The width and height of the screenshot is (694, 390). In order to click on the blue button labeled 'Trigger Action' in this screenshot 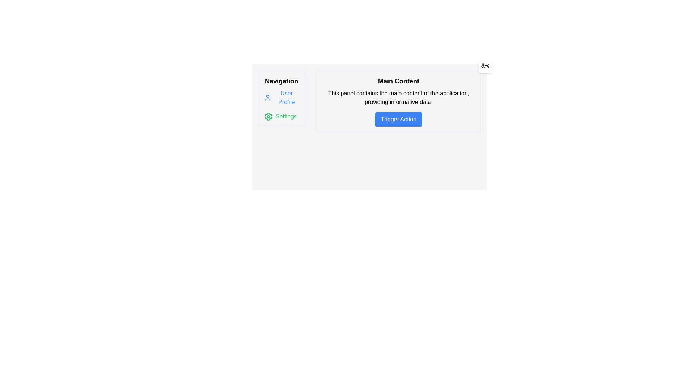, I will do `click(398, 119)`.